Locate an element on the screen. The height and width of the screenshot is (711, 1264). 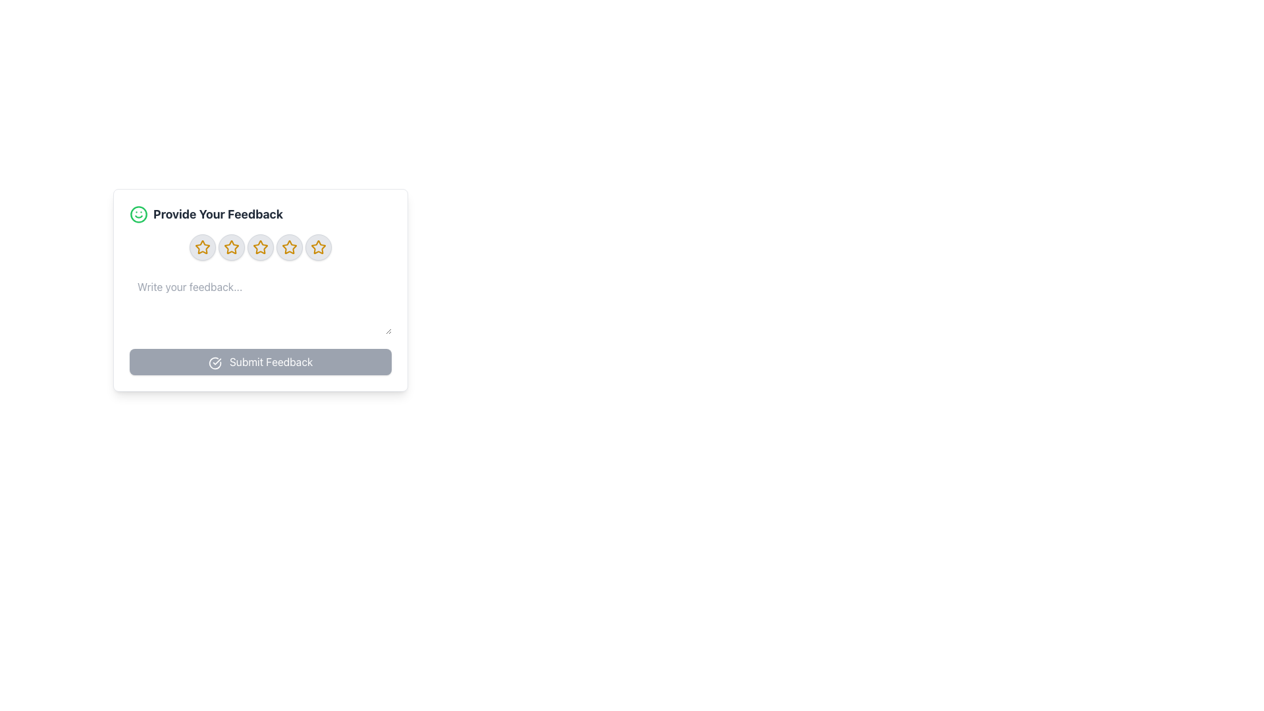
the fourth circular rating button in the feedback section is located at coordinates (289, 247).